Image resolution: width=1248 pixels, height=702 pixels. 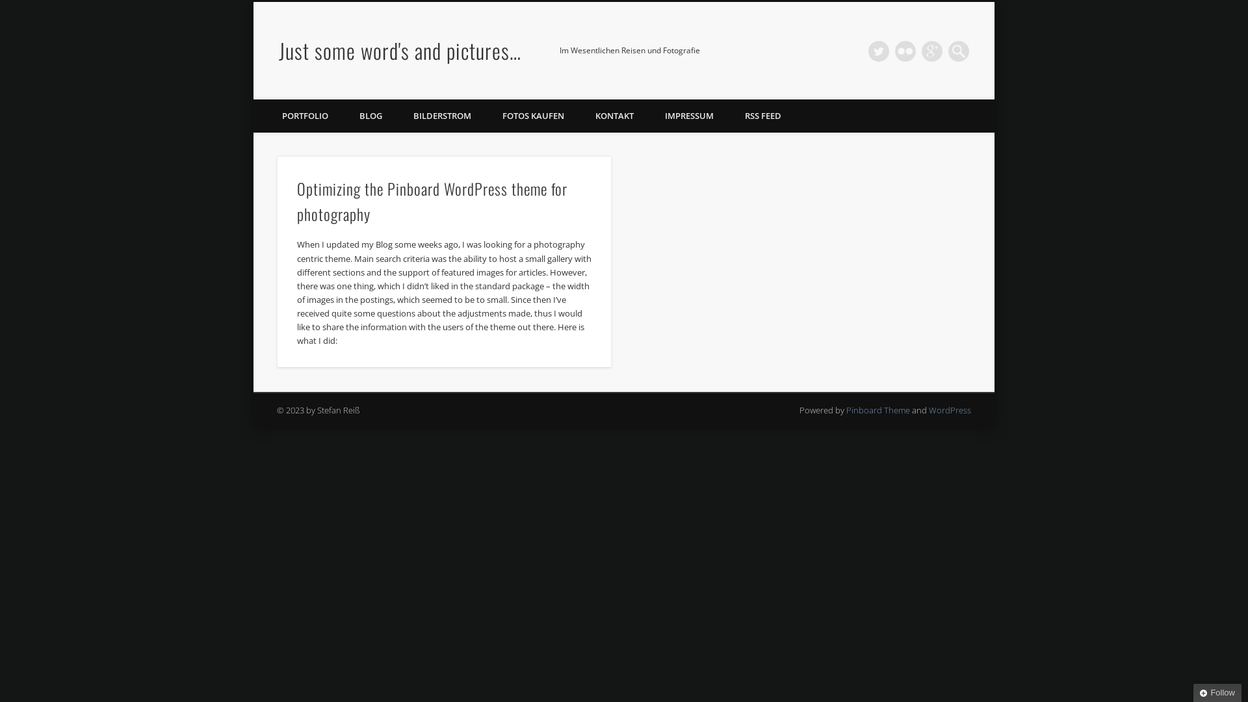 What do you see at coordinates (442, 115) in the screenshot?
I see `'BILDERSTROM'` at bounding box center [442, 115].